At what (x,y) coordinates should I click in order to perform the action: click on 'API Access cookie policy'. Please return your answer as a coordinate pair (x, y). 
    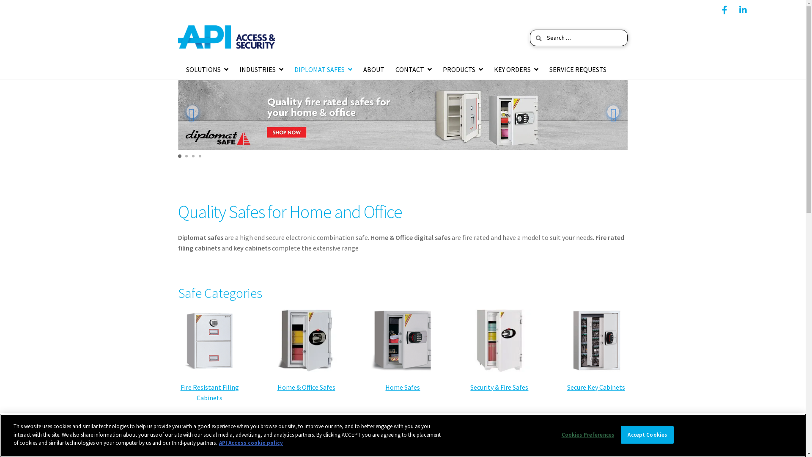
    Looking at the image, I should click on (250, 442).